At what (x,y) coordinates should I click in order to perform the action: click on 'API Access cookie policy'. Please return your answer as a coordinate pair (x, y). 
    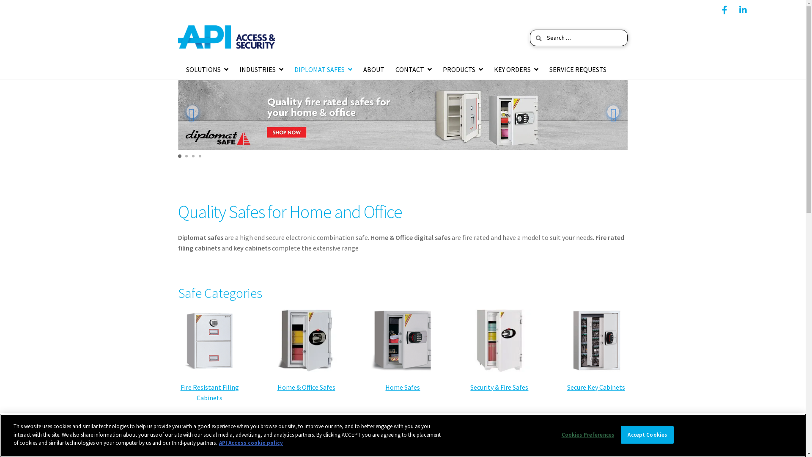
    Looking at the image, I should click on (250, 442).